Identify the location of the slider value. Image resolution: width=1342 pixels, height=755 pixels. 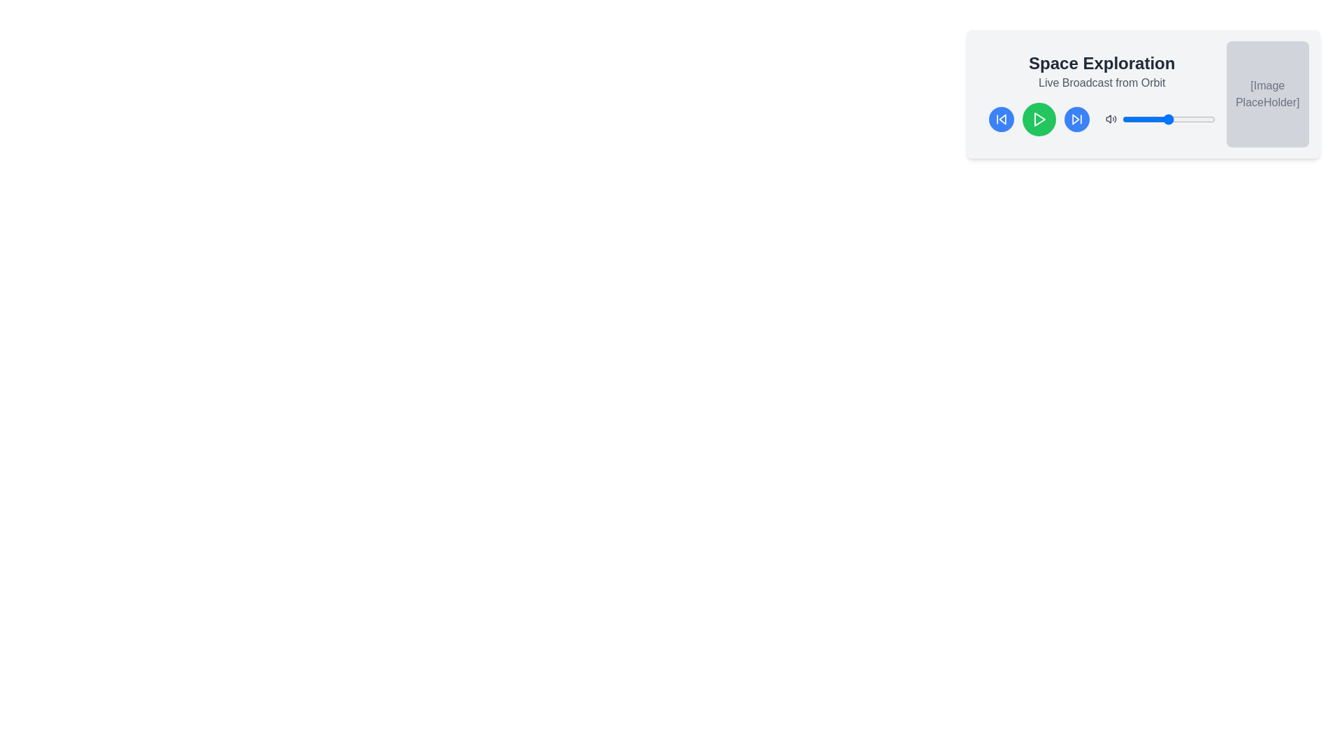
(1201, 118).